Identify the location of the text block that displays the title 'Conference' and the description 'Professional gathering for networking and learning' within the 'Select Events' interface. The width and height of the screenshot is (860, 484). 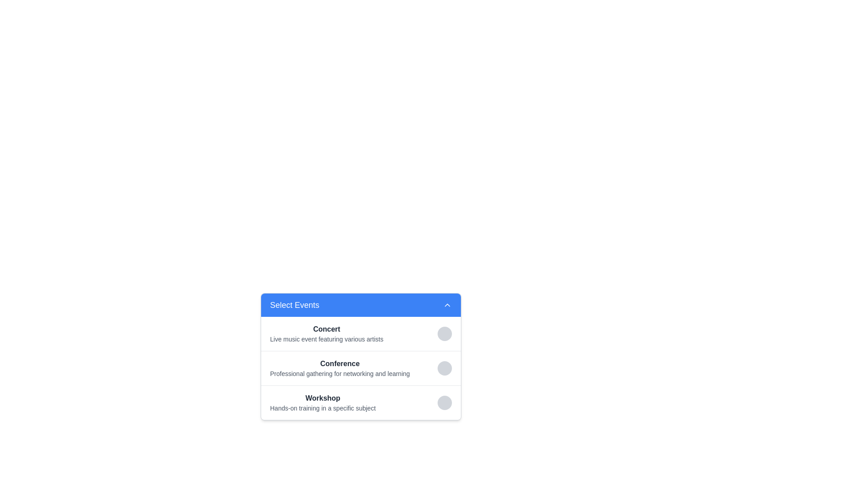
(339, 368).